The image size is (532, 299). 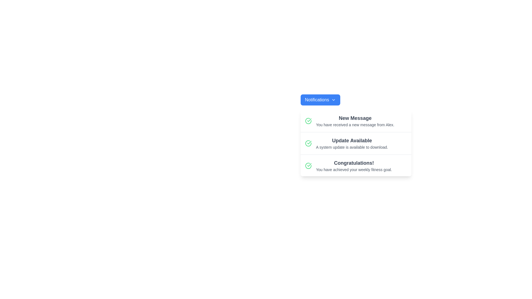 What do you see at coordinates (356, 165) in the screenshot?
I see `third notification in the vertically stacked notification list, which informs the user of achieving their weekly fitness goal` at bounding box center [356, 165].